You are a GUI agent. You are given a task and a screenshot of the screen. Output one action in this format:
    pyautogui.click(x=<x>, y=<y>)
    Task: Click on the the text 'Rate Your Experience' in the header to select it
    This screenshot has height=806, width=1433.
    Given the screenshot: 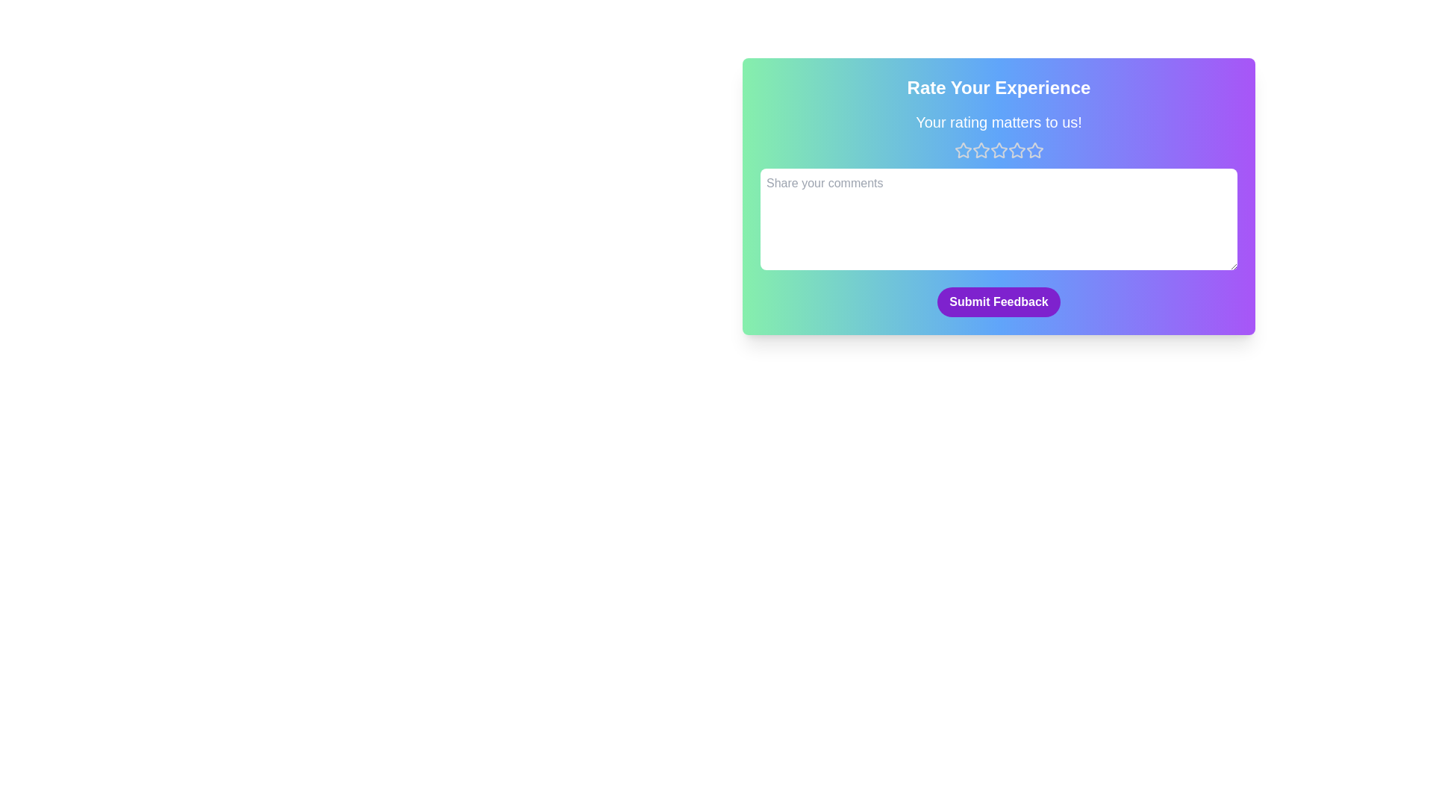 What is the action you would take?
    pyautogui.click(x=999, y=88)
    